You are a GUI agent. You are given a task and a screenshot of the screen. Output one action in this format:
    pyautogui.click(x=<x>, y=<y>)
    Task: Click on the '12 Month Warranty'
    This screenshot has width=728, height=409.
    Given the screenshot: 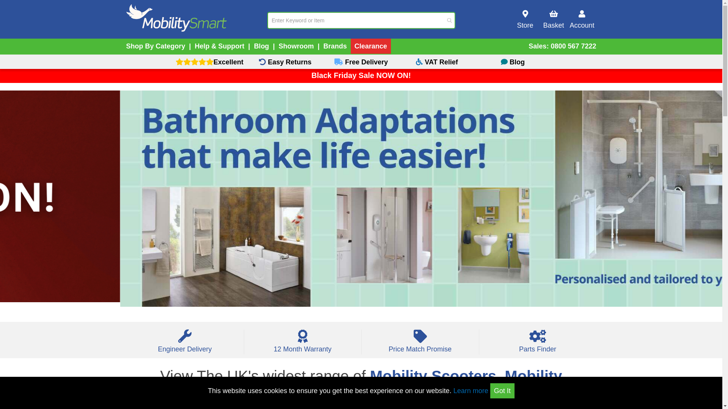 What is the action you would take?
    pyautogui.click(x=302, y=345)
    